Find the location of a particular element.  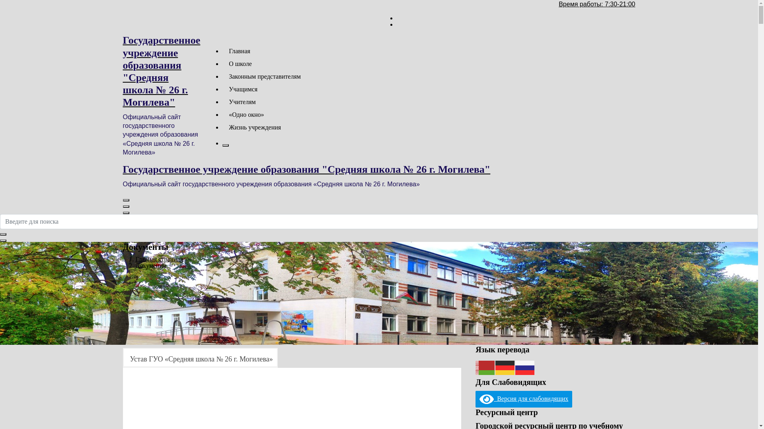

'Russian' is located at coordinates (525, 367).